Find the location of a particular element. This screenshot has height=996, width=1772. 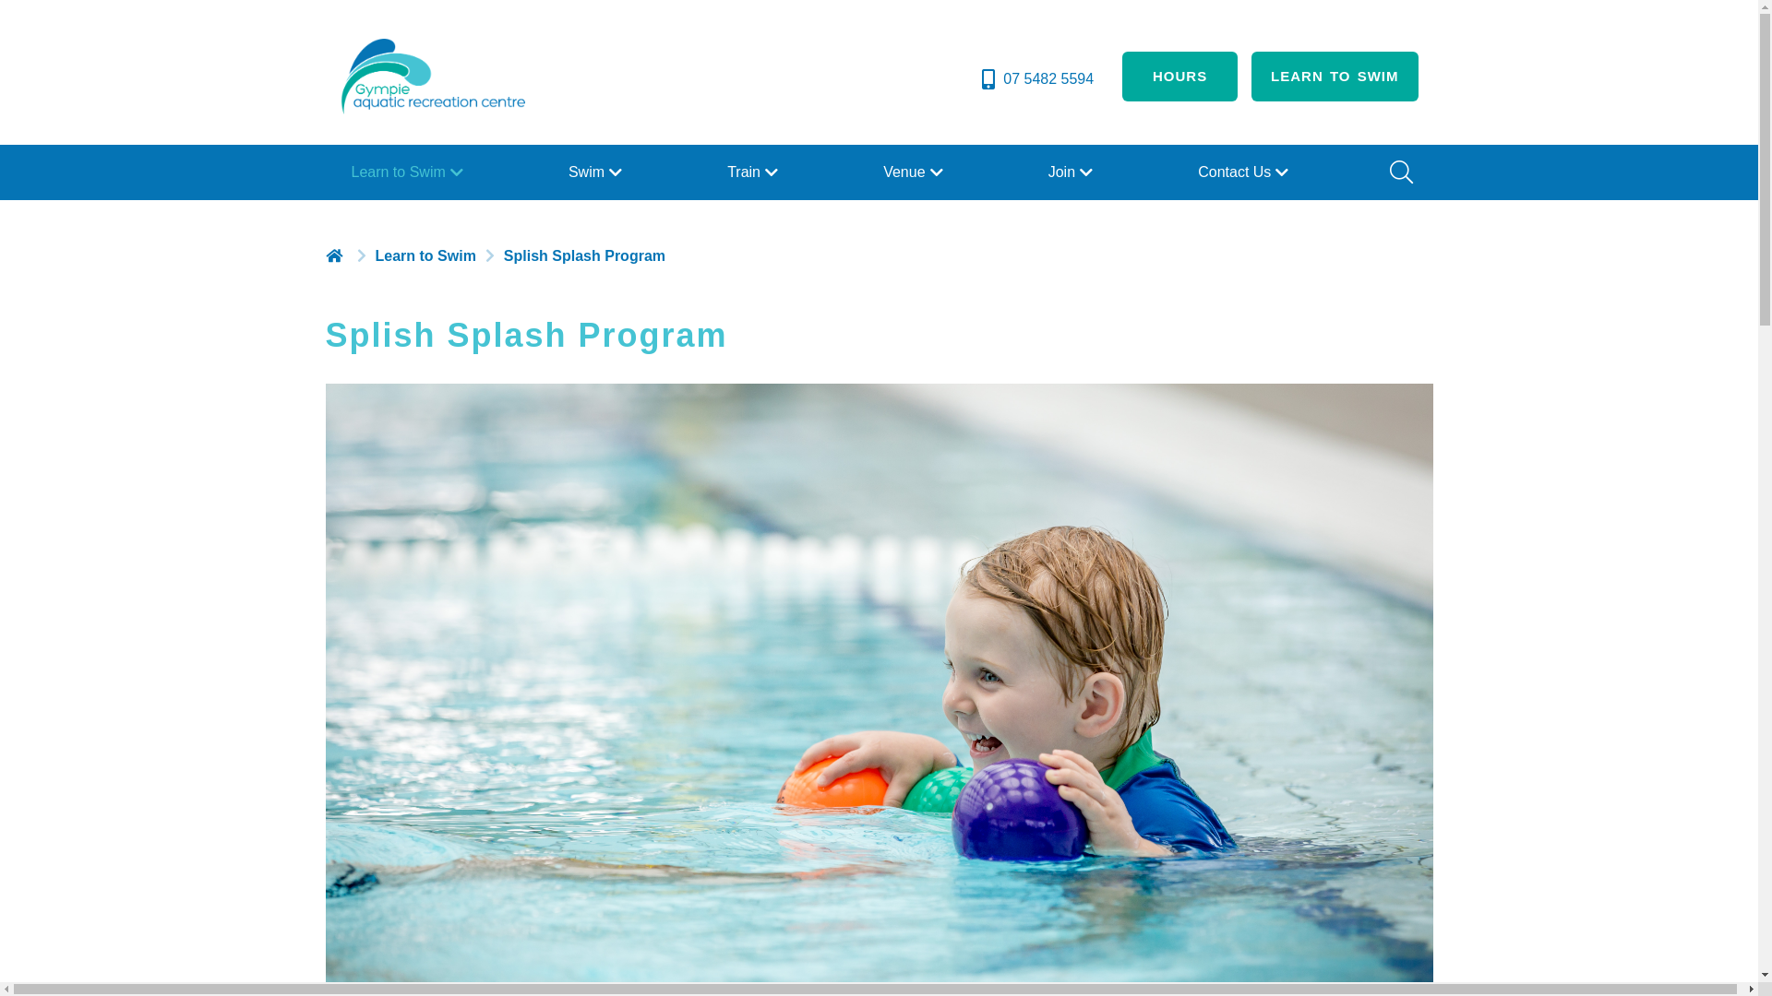

'Search' is located at coordinates (1386, 172).